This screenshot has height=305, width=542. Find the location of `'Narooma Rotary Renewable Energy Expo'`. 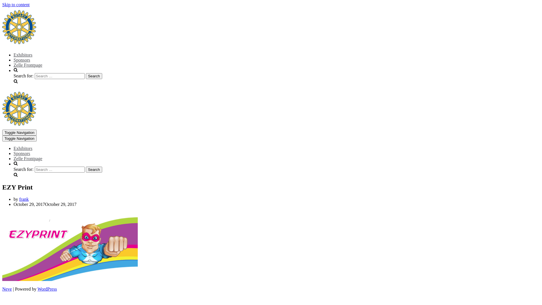

'Narooma Rotary Renewable Energy Expo' is located at coordinates (19, 42).